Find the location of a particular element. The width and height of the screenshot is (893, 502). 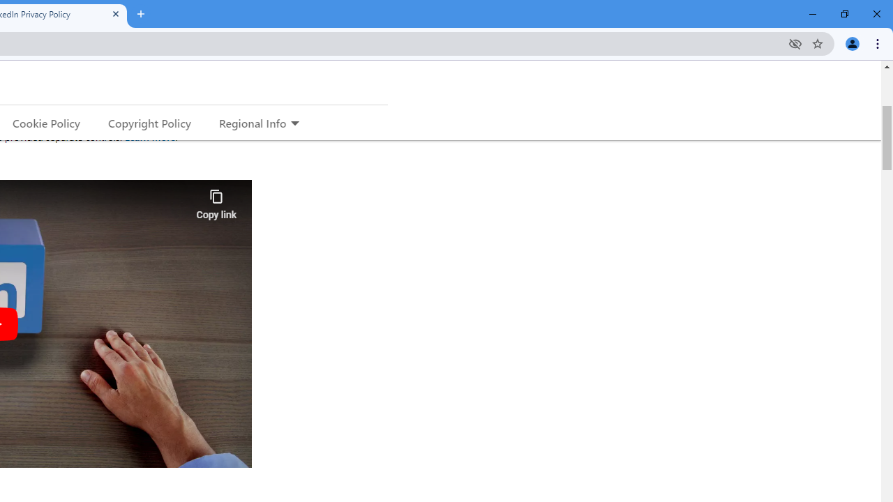

'Learn More' is located at coordinates (150, 137).